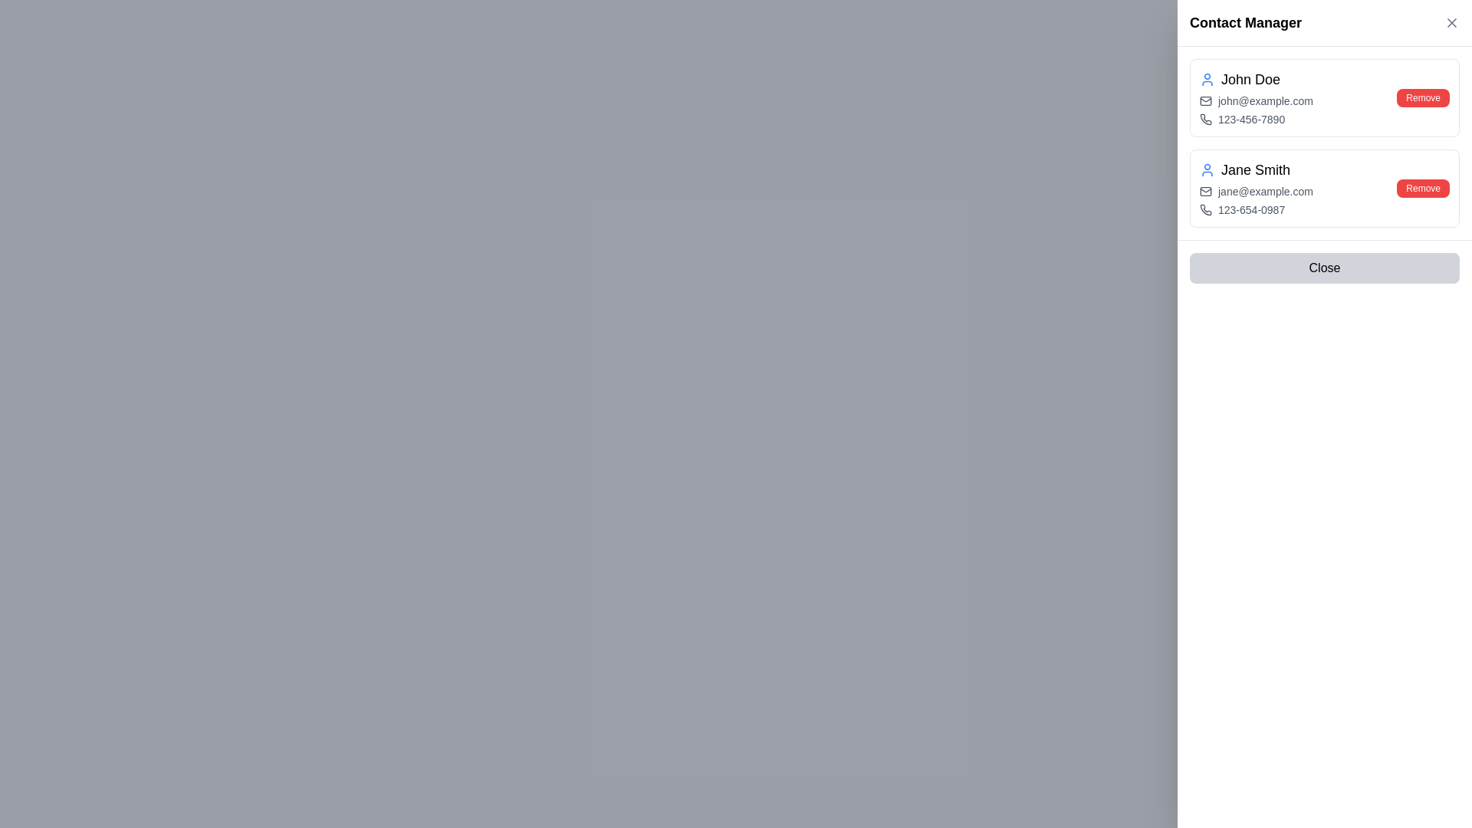  I want to click on the button that allows users to remove the contact entry for 'John Doe' from the contact list in the 'Contact Manager' interface to observe the hover effect, so click(1422, 97).